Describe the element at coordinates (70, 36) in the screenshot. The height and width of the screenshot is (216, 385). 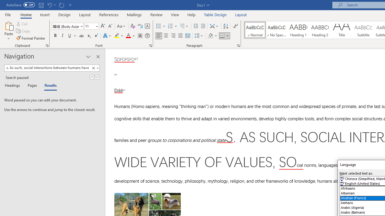
I see `'Underline'` at that location.